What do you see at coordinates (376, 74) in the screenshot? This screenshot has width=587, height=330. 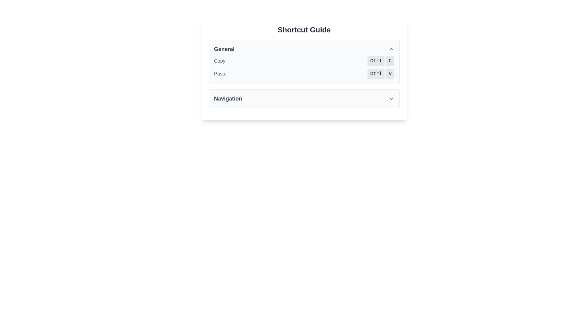 I see `the 'Ctrl' button located in the 'General' section of the 'Shortcut Guide' interface, which has a light gray background and dark text, and is positioned to the left of the 'V' button` at bounding box center [376, 74].